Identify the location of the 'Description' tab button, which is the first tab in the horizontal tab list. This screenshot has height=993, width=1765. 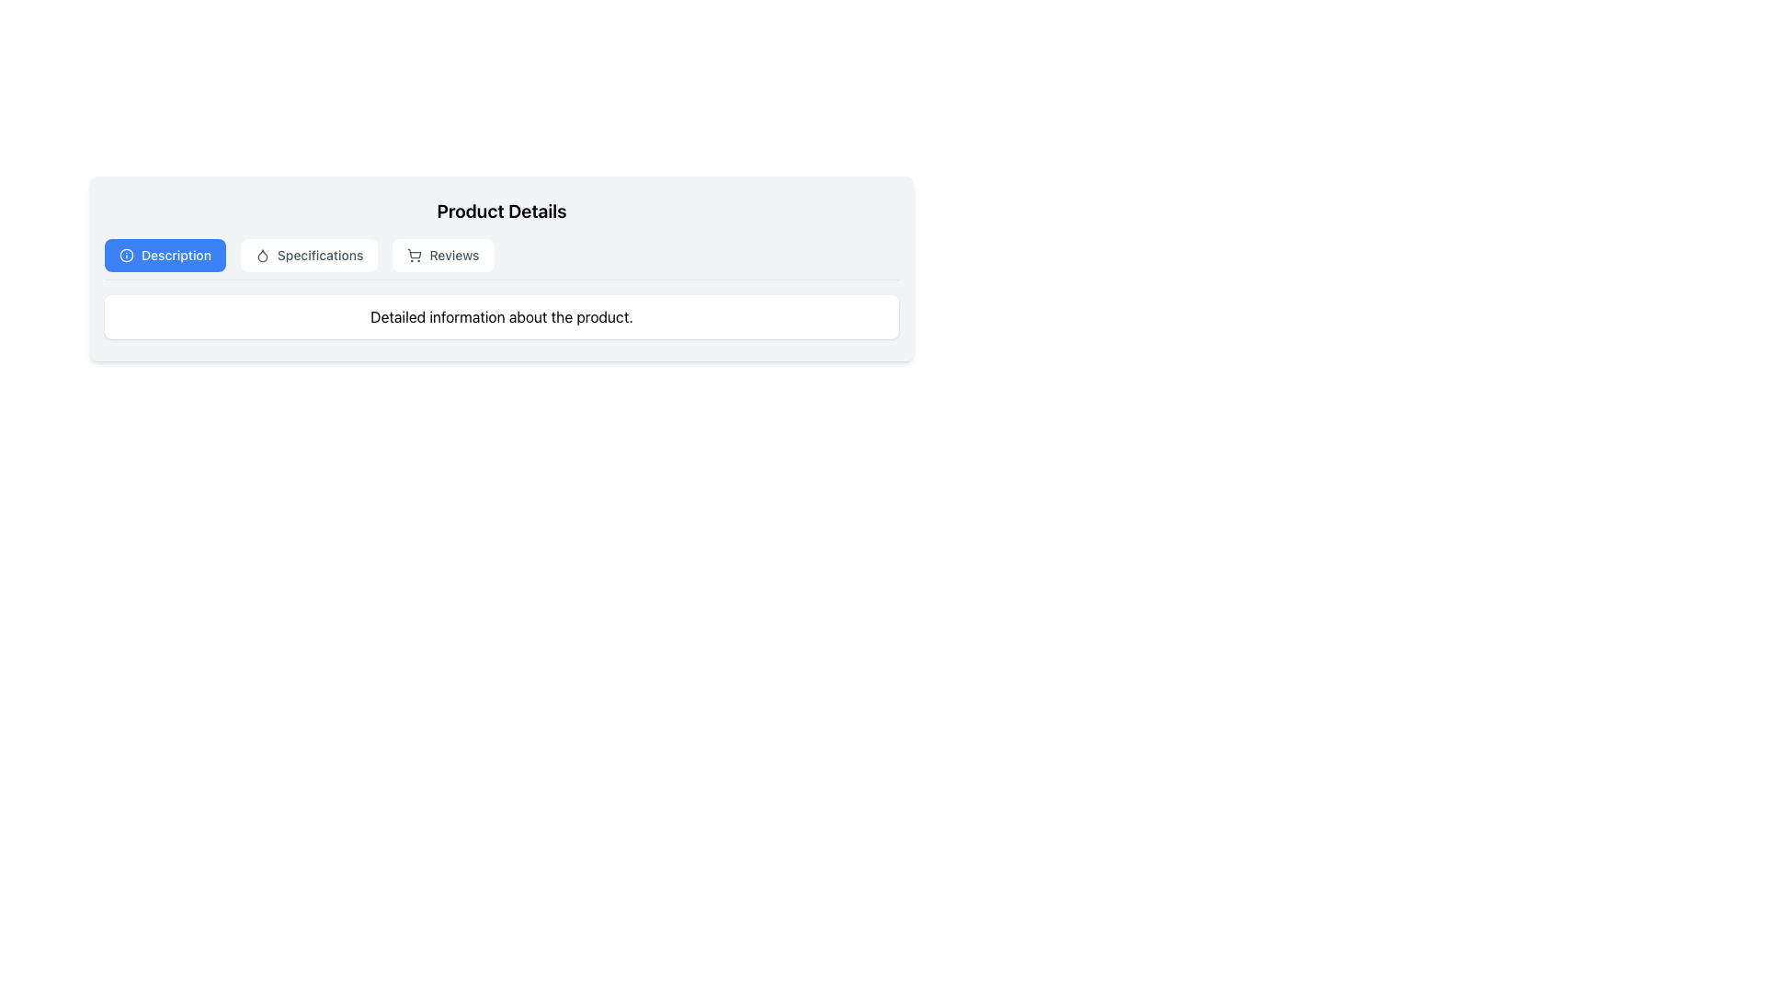
(165, 255).